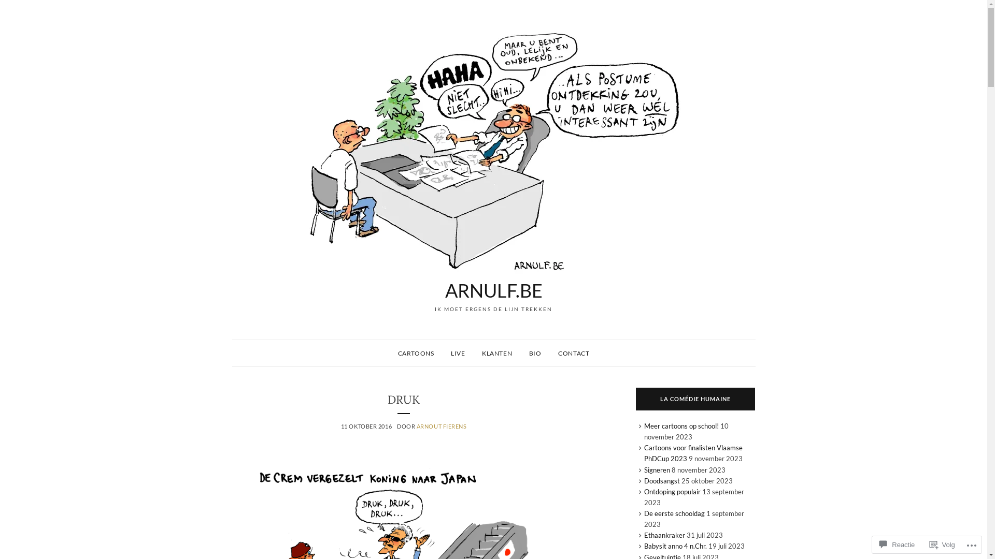  What do you see at coordinates (897, 544) in the screenshot?
I see `'Reactie'` at bounding box center [897, 544].